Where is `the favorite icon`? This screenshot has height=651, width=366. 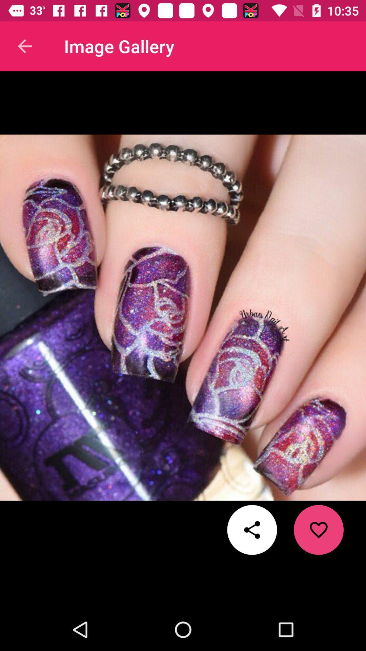 the favorite icon is located at coordinates (319, 530).